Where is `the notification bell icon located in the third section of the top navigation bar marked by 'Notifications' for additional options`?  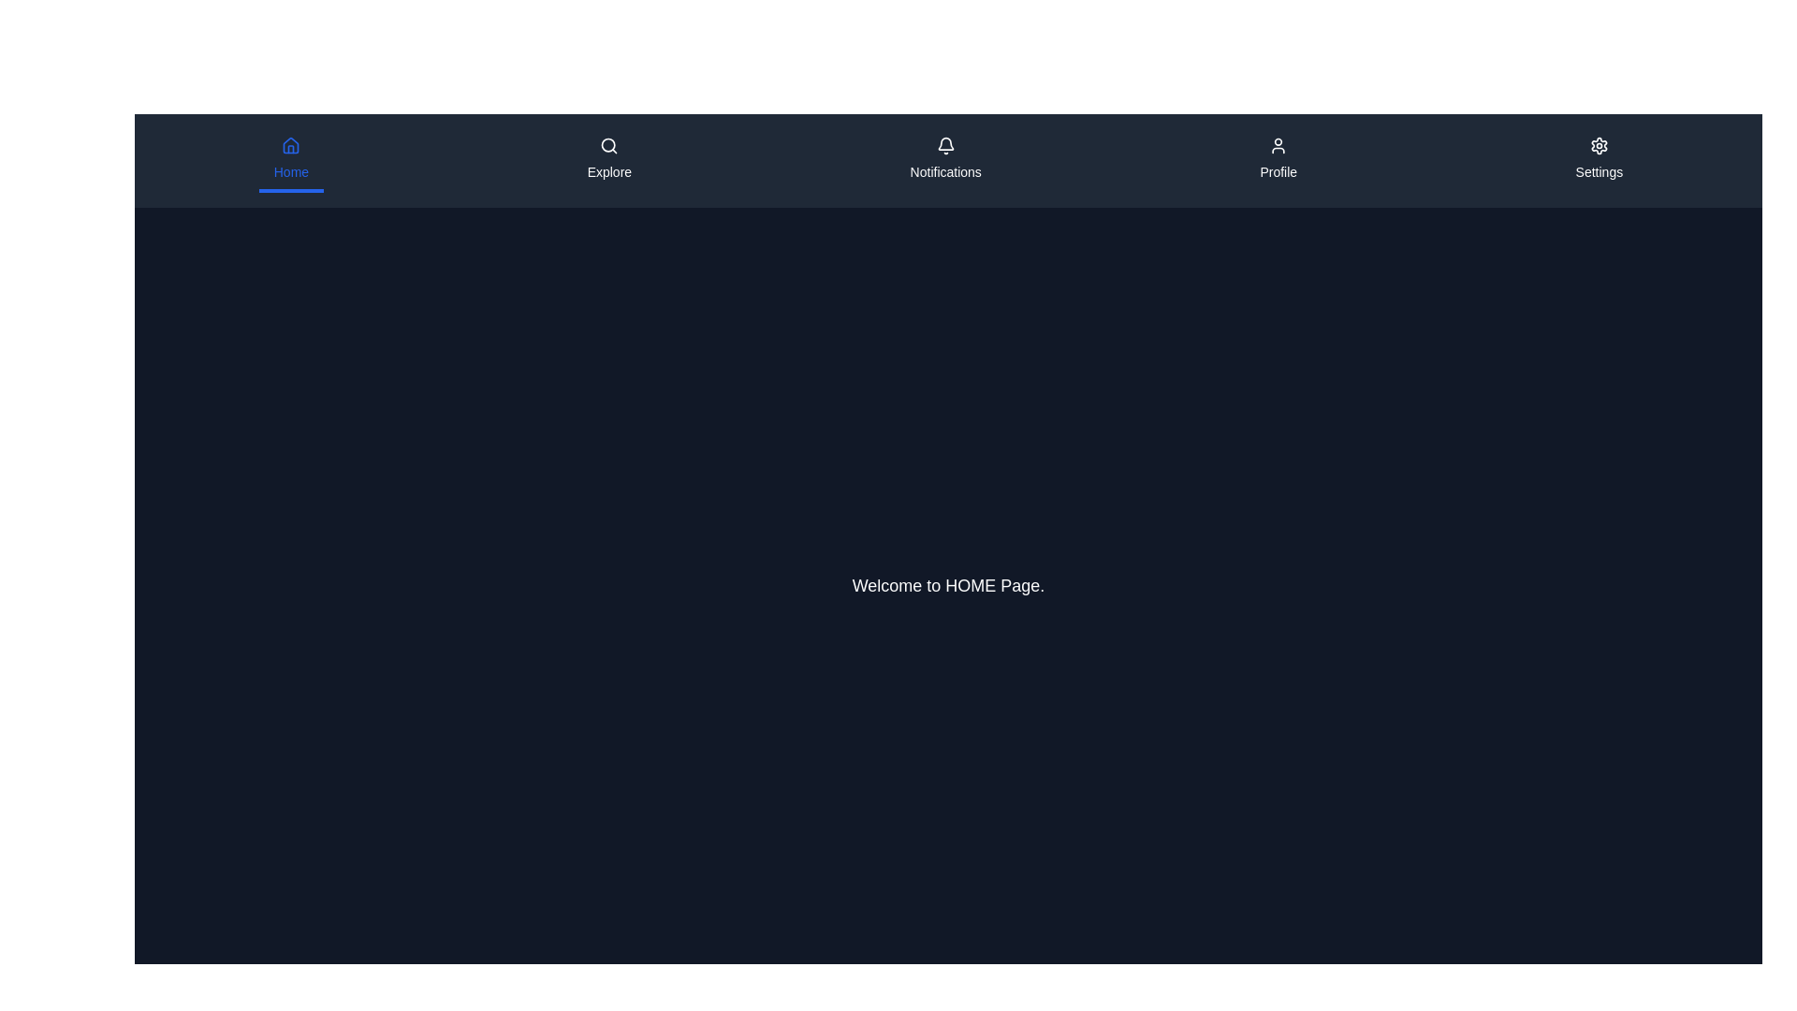
the notification bell icon located in the third section of the top navigation bar marked by 'Notifications' for additional options is located at coordinates (944, 144).